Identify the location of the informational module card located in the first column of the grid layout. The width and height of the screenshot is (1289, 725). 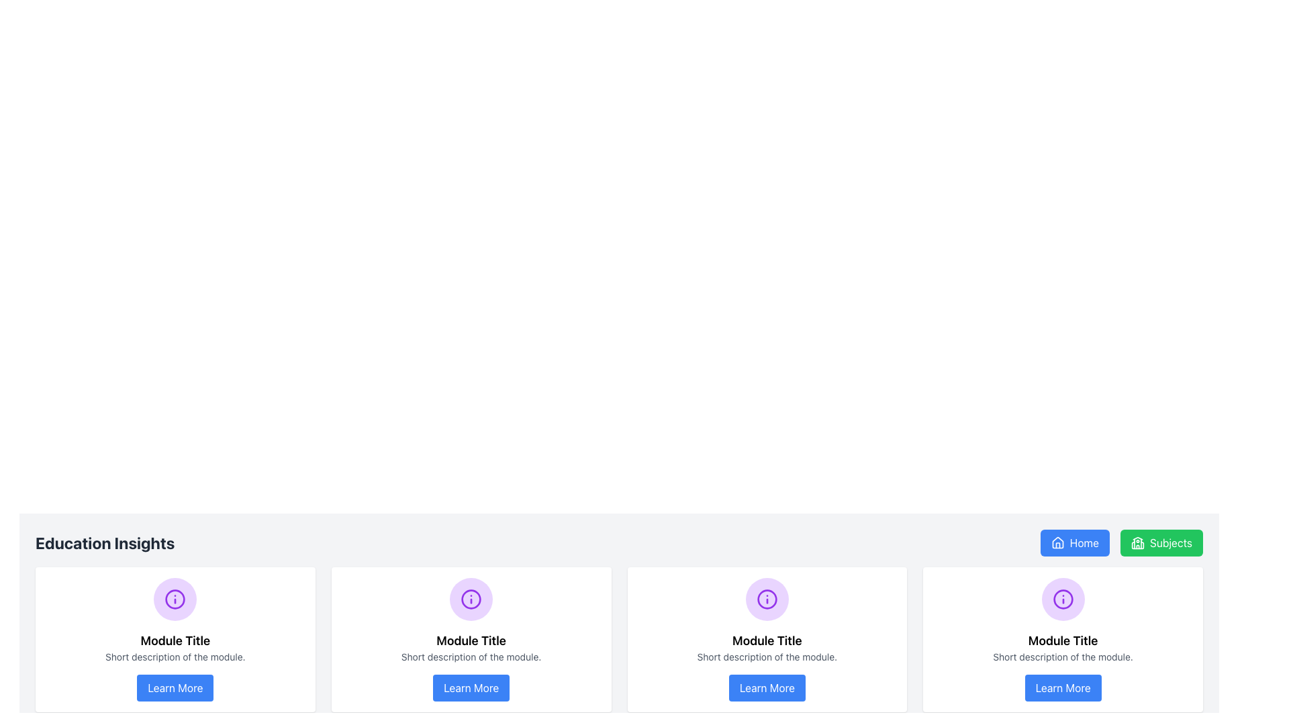
(175, 638).